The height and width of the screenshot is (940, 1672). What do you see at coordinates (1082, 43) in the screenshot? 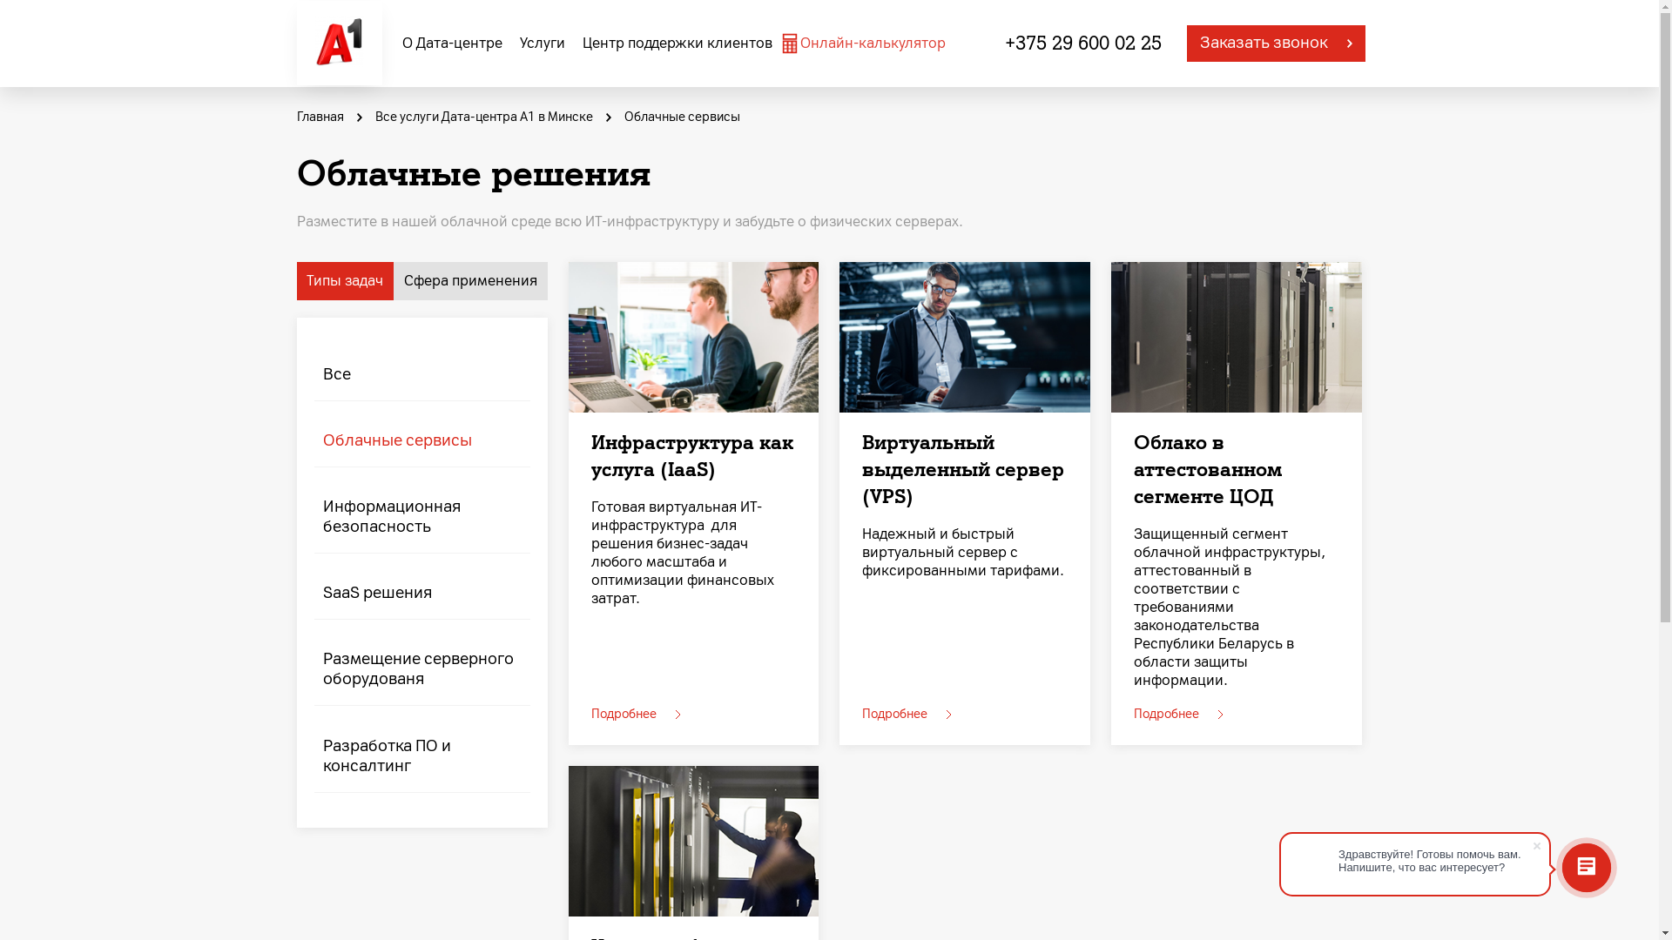
I see `'+375 29 600 02 25'` at bounding box center [1082, 43].